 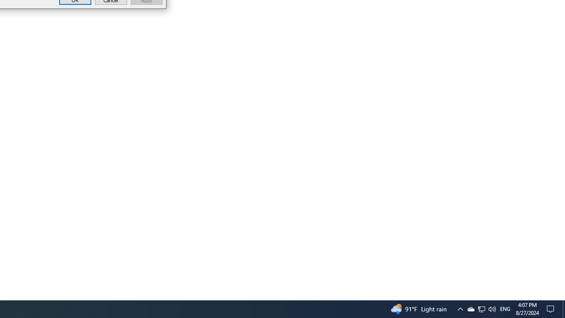 I want to click on 'User Promoted Notification Area', so click(x=481, y=308).